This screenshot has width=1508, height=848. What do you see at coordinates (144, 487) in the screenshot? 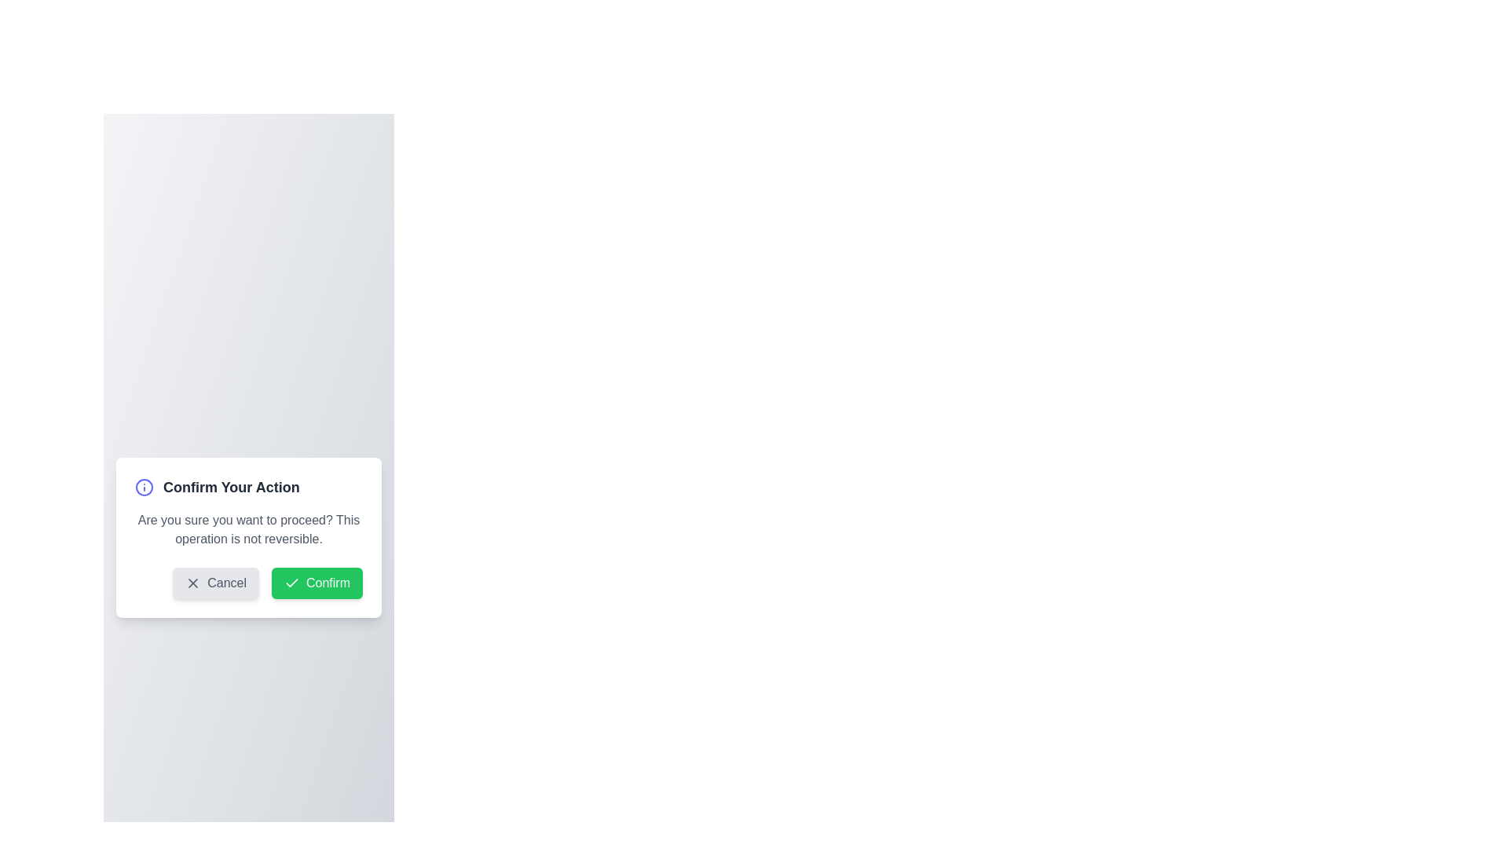
I see `the circular icon border located at the top-left corner of the confirmation dialog box, which serves as the outer boundary of the informational icon` at bounding box center [144, 487].